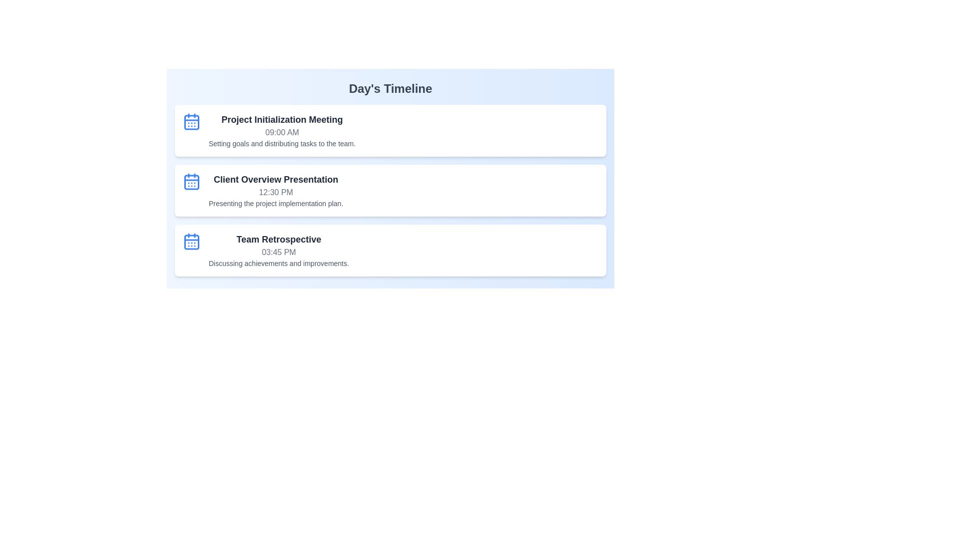 This screenshot has width=959, height=539. What do you see at coordinates (279, 263) in the screenshot?
I see `the text label that reads 'Discussing achievements and improvements.', which is styled in a small font size and light gray color, located beneath the title 'Team Retrospective' and the time '03:45 PM'` at bounding box center [279, 263].